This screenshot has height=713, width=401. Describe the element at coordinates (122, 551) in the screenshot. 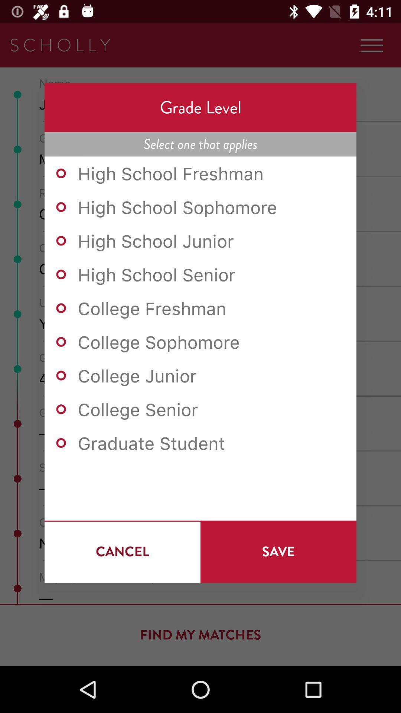

I see `the cancel item` at that location.